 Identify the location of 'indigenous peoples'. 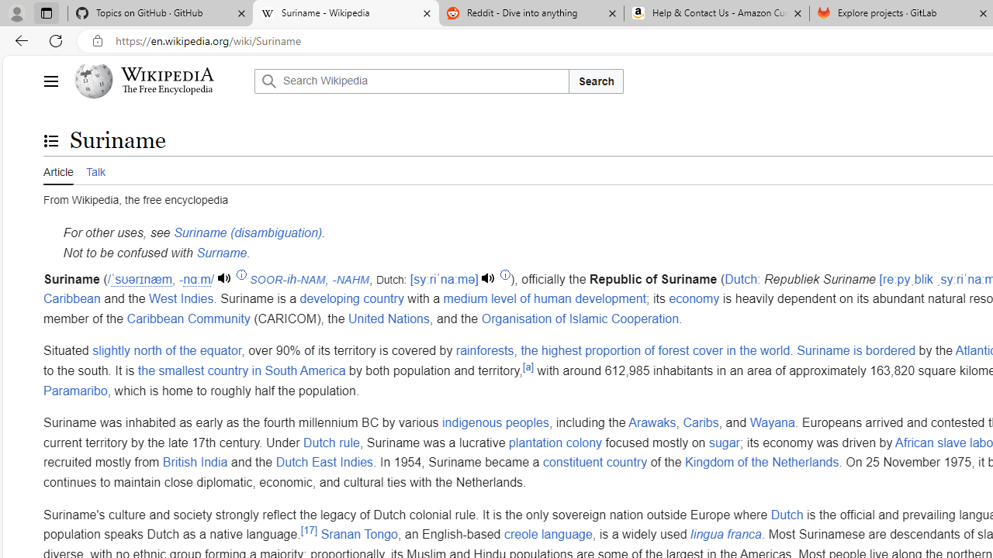
(494, 423).